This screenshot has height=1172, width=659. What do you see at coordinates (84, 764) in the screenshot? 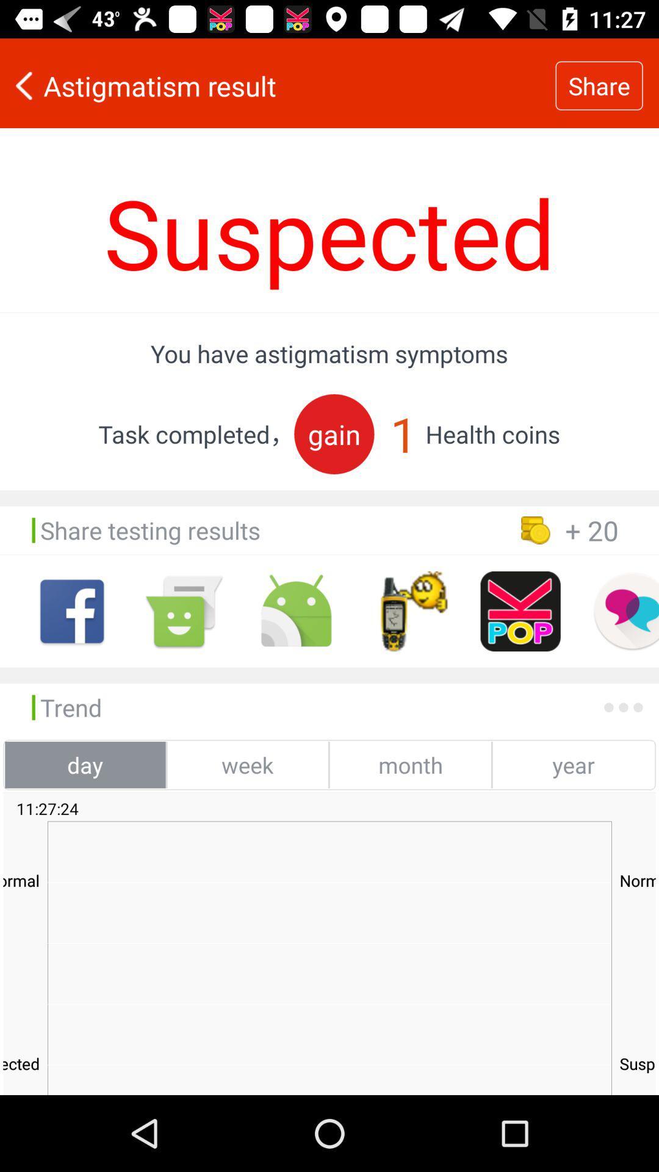
I see `the day` at bounding box center [84, 764].